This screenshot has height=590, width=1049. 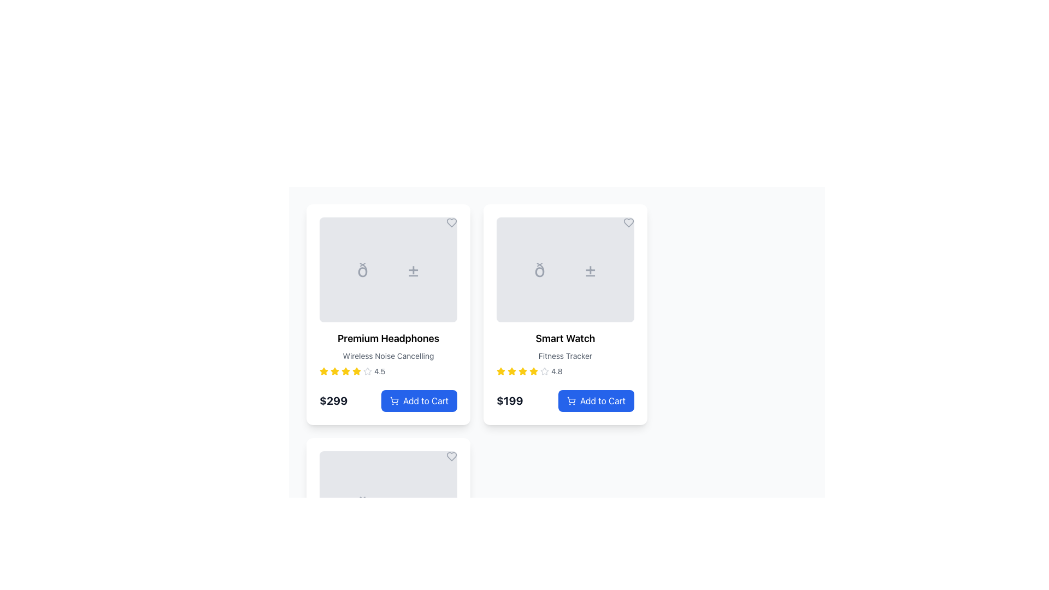 I want to click on the 'Smart Watch' product card, which features a white background, a bold title, and an 'Add to Cart' button in blue, so click(x=565, y=314).